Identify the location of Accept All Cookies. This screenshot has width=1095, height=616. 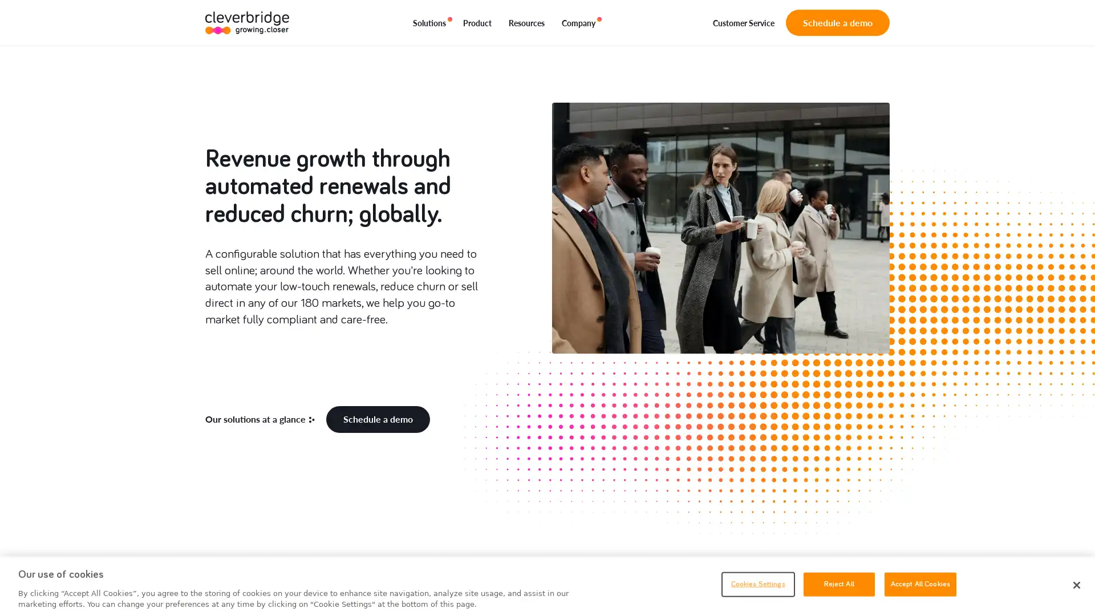
(920, 583).